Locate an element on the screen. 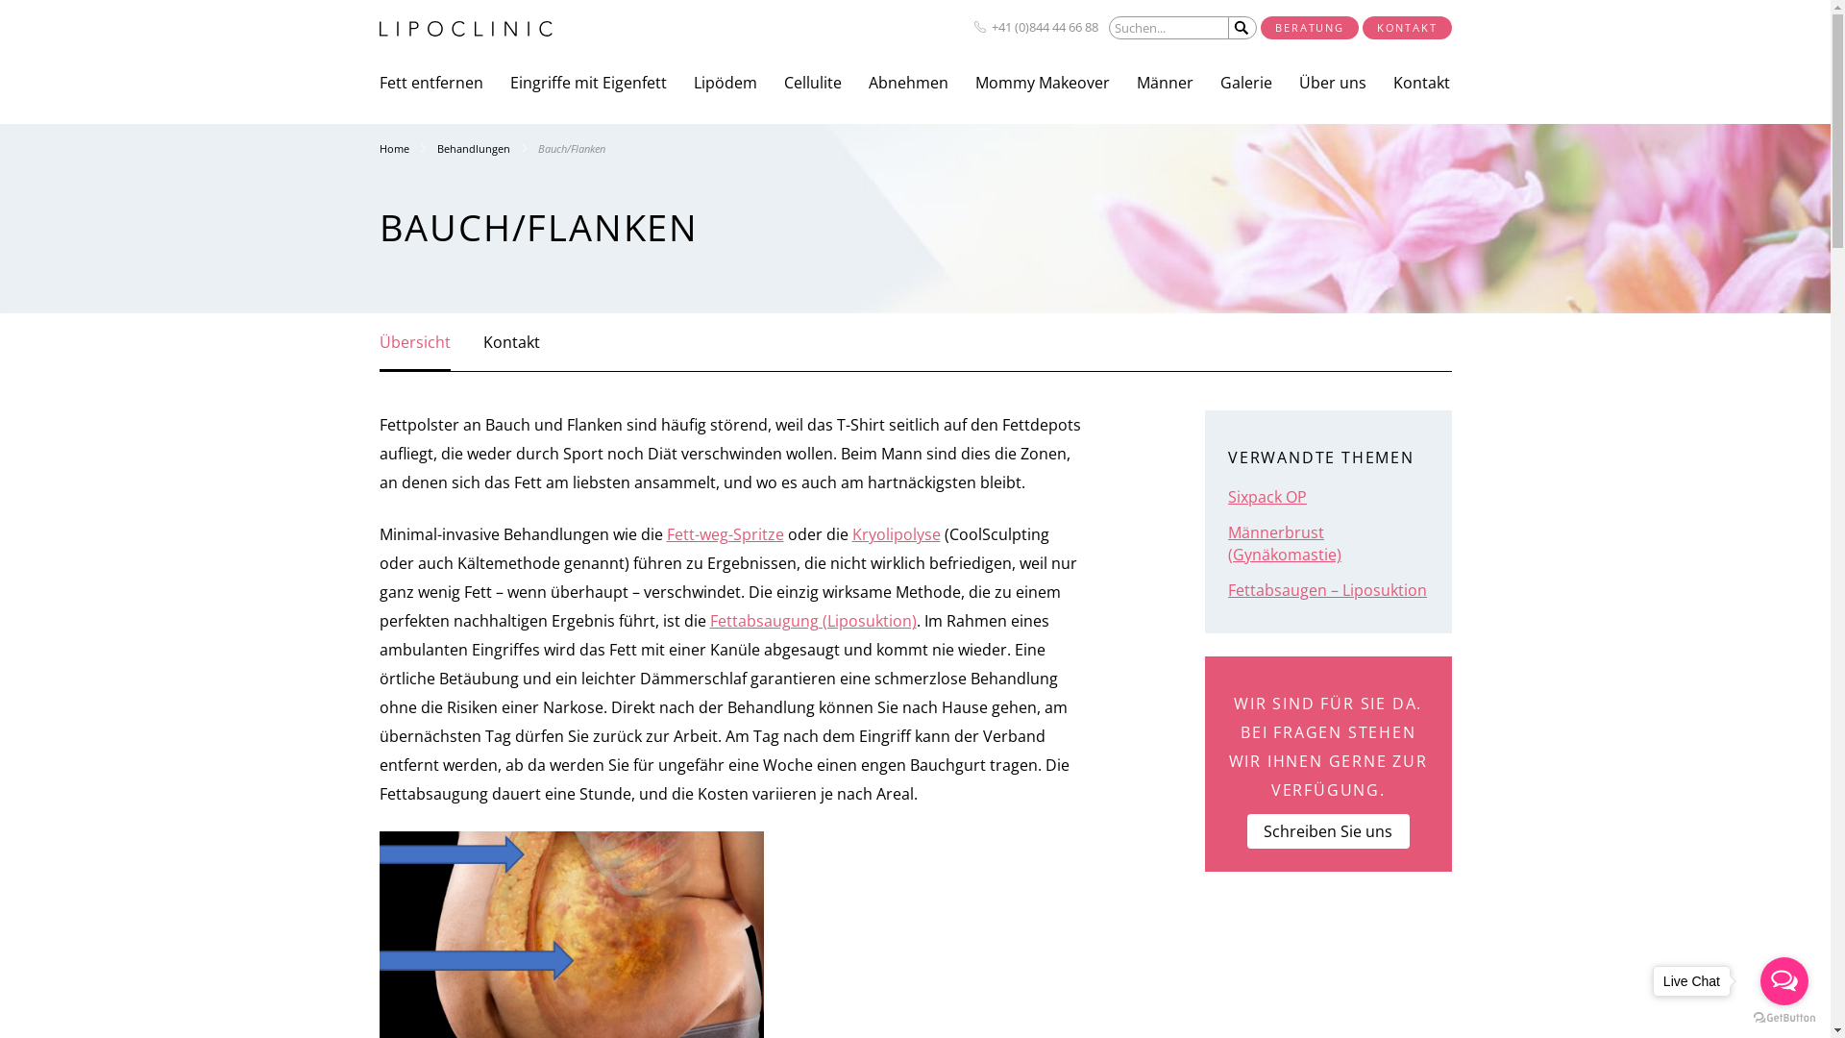 The width and height of the screenshot is (1845, 1038). 'Fett-weg-Spritze' is located at coordinates (667, 533).